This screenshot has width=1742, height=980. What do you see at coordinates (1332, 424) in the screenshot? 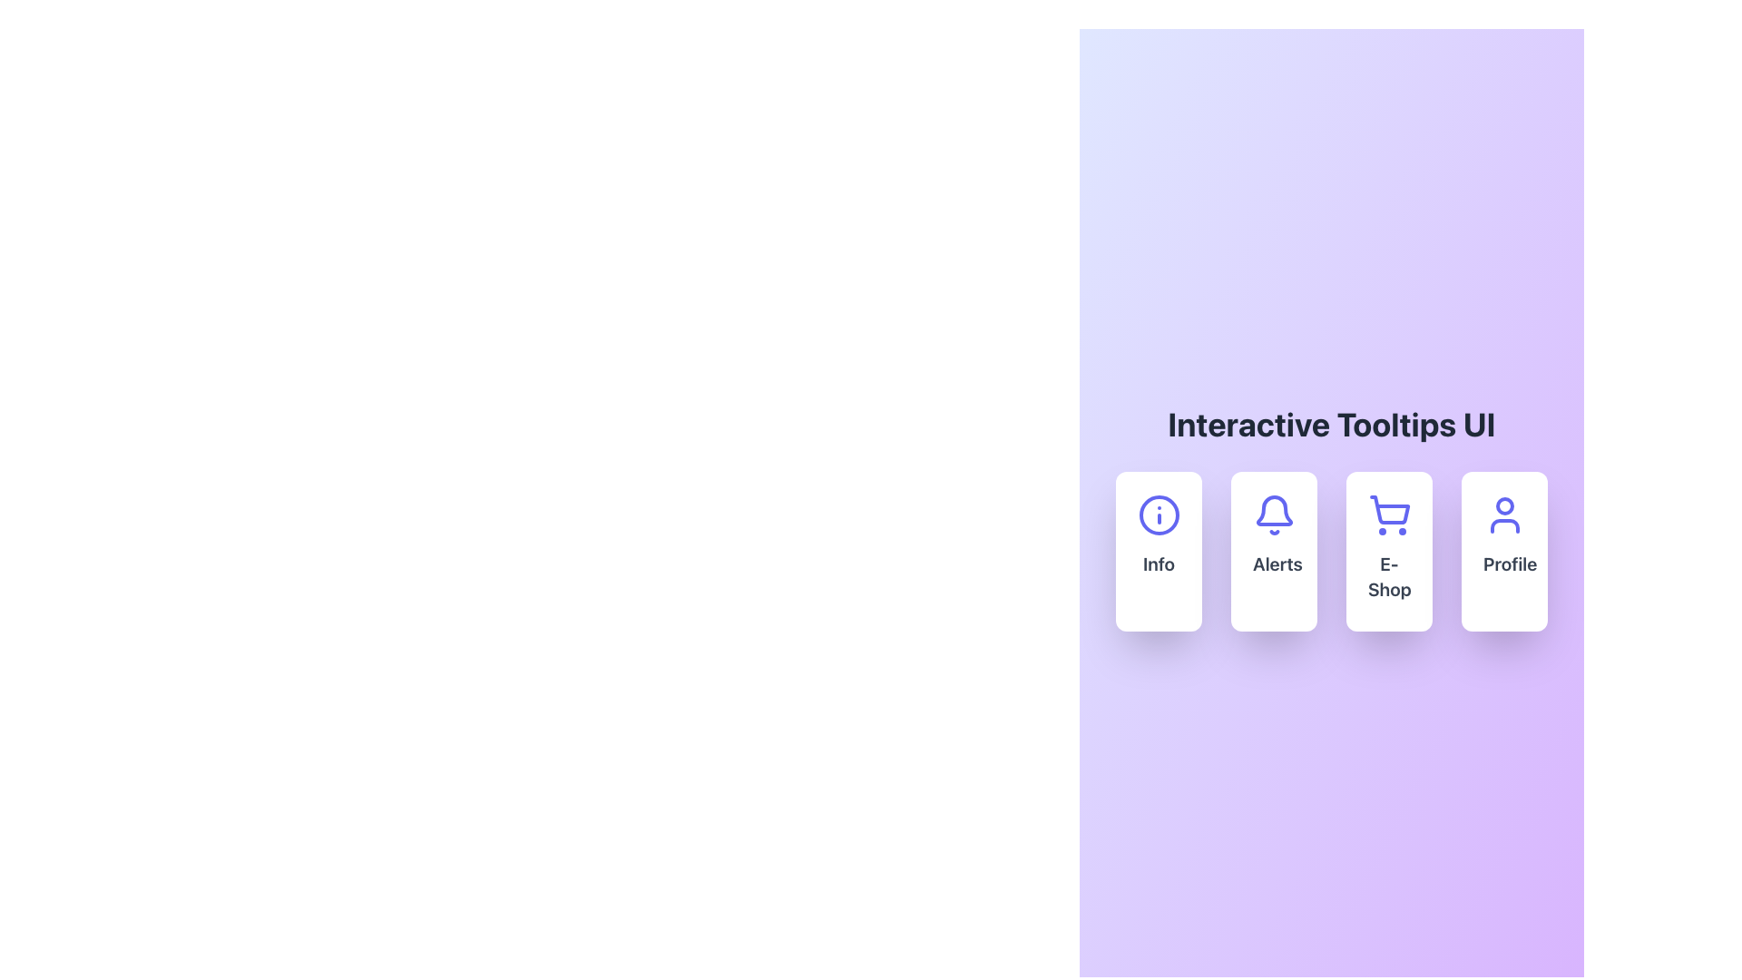
I see `the header element displaying the text 'Interactive Tooltips UI', which is positioned at the top center of the interface, just above the grid layout of cards` at bounding box center [1332, 424].